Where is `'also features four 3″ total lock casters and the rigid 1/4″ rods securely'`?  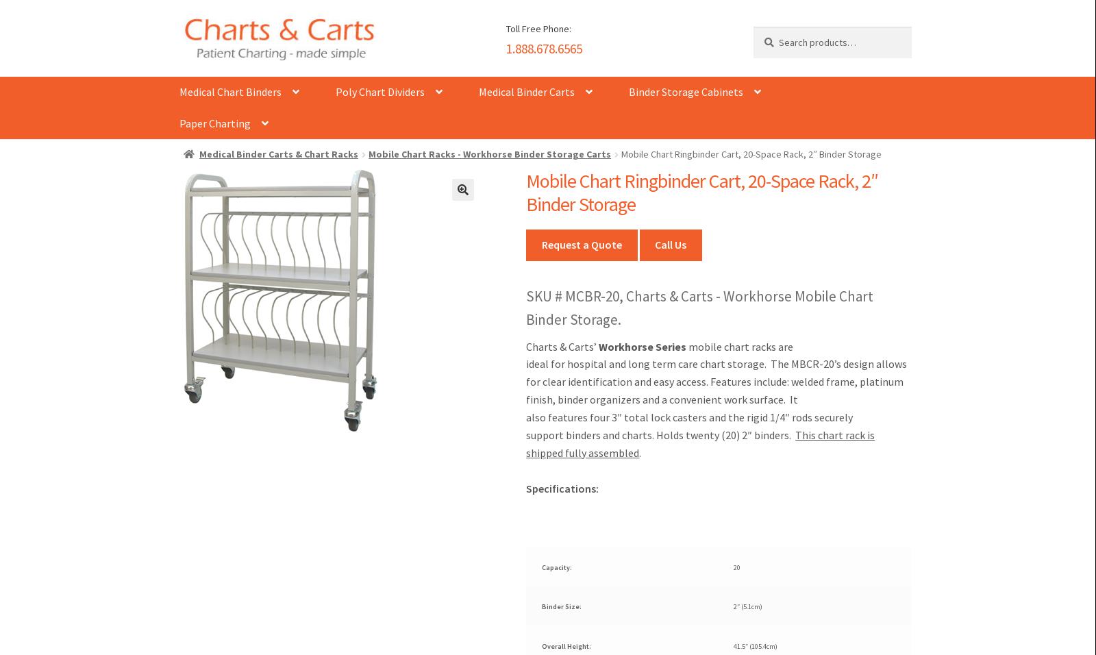 'also features four 3″ total lock casters and the rigid 1/4″ rods securely' is located at coordinates (689, 417).